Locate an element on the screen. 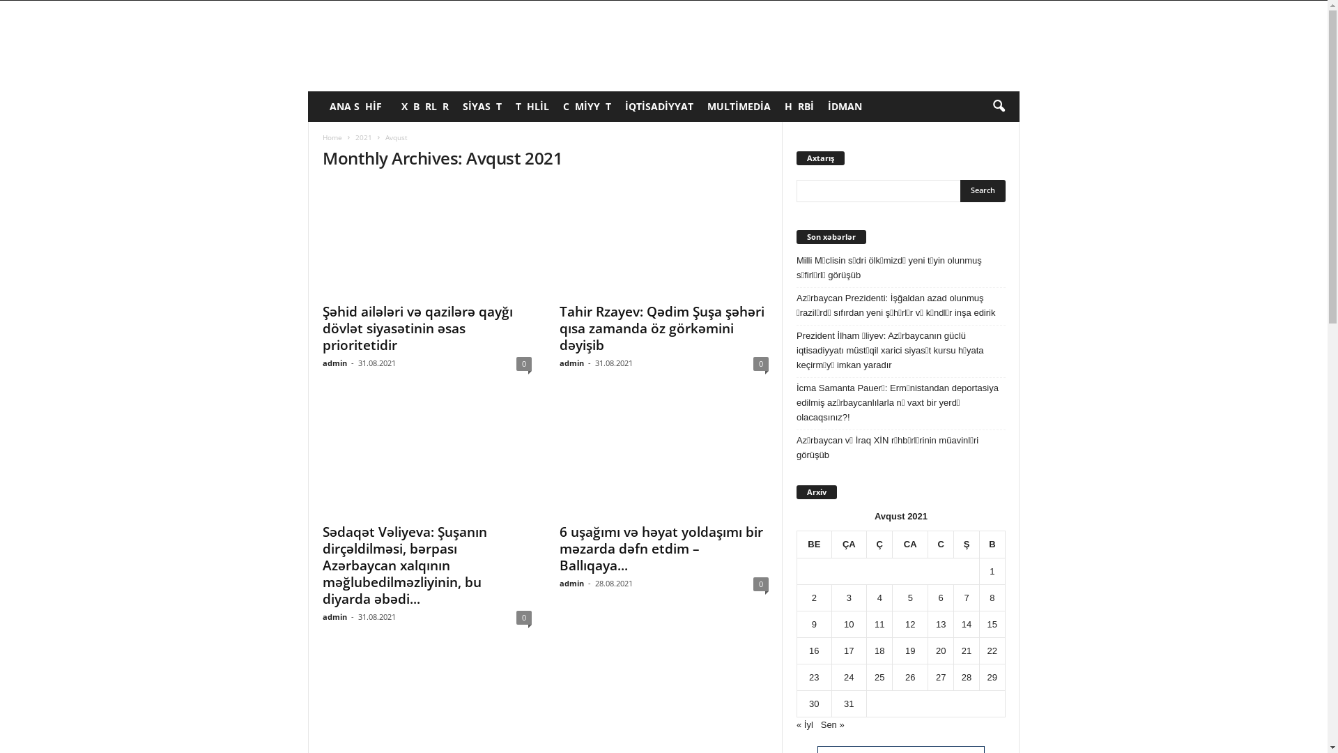  '12' is located at coordinates (909, 623).